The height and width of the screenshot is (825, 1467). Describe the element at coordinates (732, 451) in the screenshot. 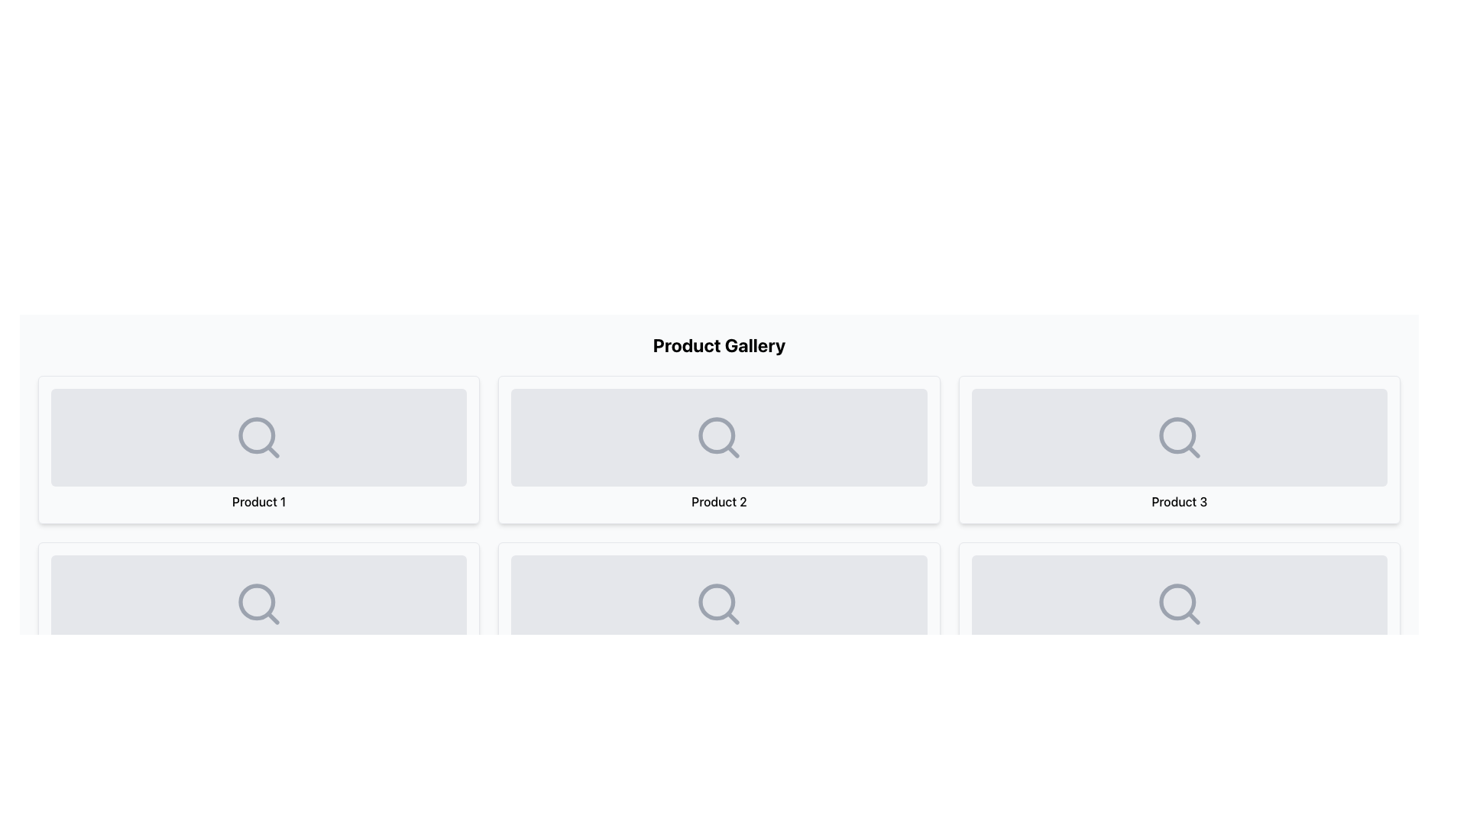

I see `diagonal line that forms the handle of the magnifying glass icon, which is located inside the second grid item's image in the second row of the product gallery section` at that location.